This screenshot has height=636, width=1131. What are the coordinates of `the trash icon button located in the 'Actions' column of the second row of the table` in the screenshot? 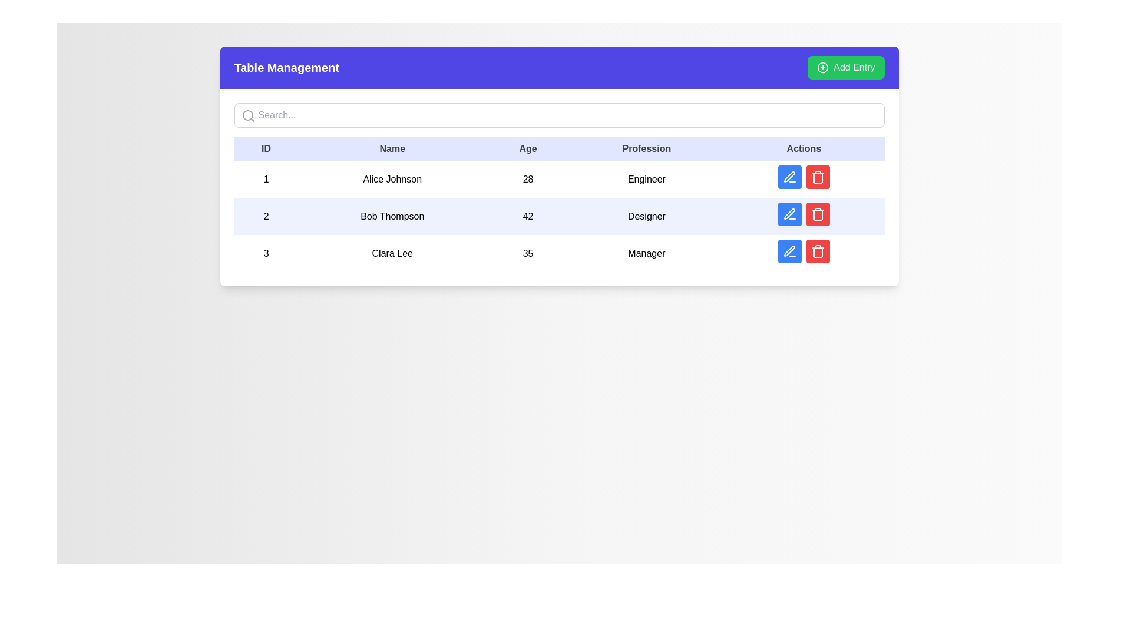 It's located at (816, 214).